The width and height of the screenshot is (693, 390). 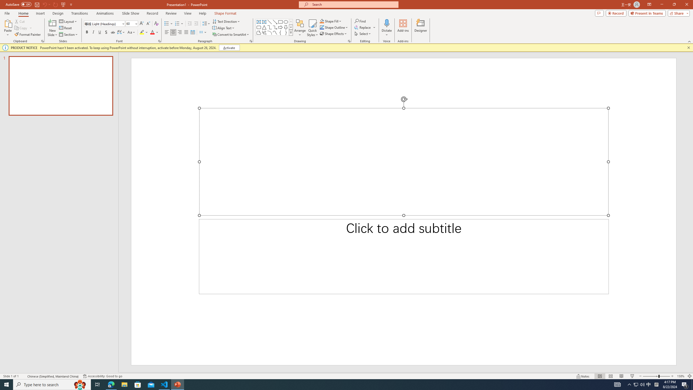 I want to click on 'Vertical Text Box', so click(x=264, y=22).